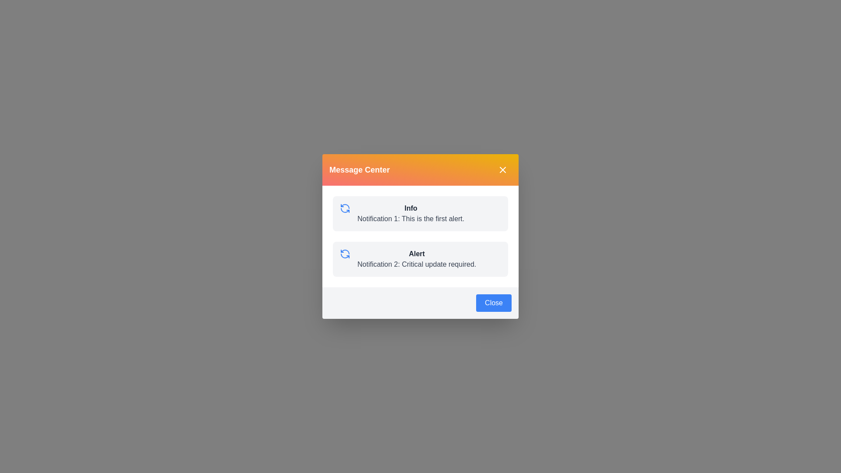  What do you see at coordinates (344, 208) in the screenshot?
I see `the notification icon for Info` at bounding box center [344, 208].